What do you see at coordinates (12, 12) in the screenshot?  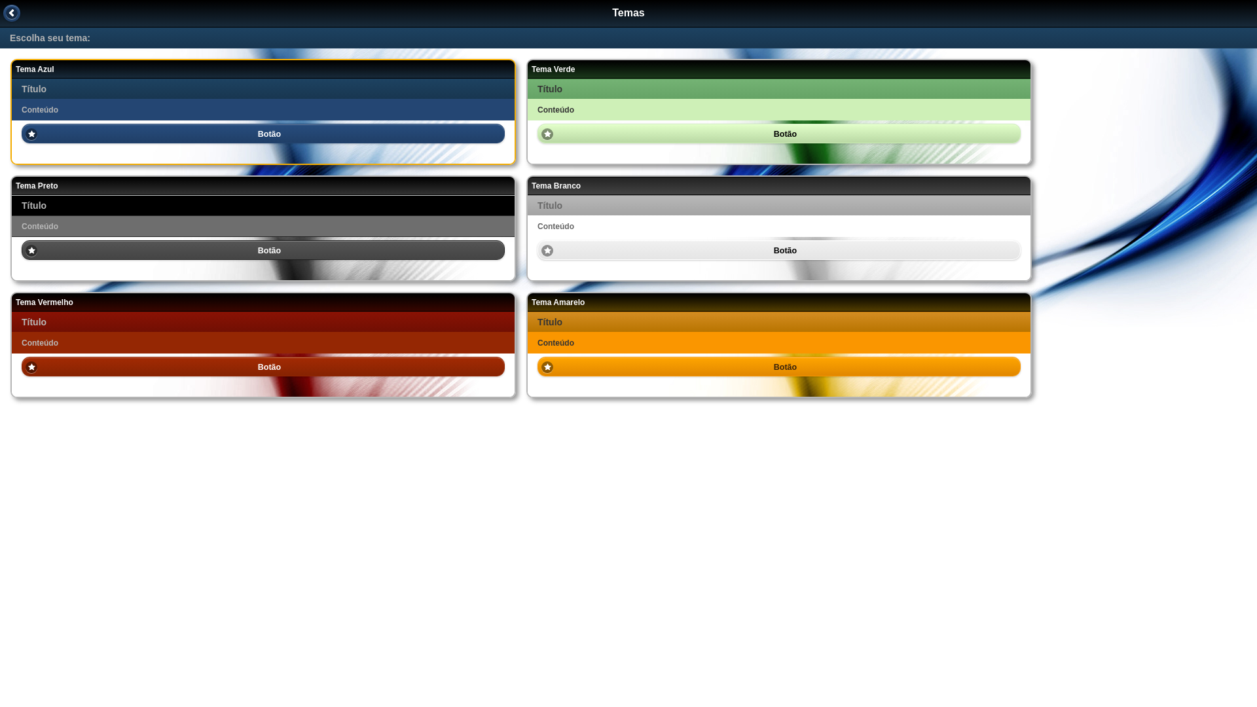 I see `'Voltar'` at bounding box center [12, 12].